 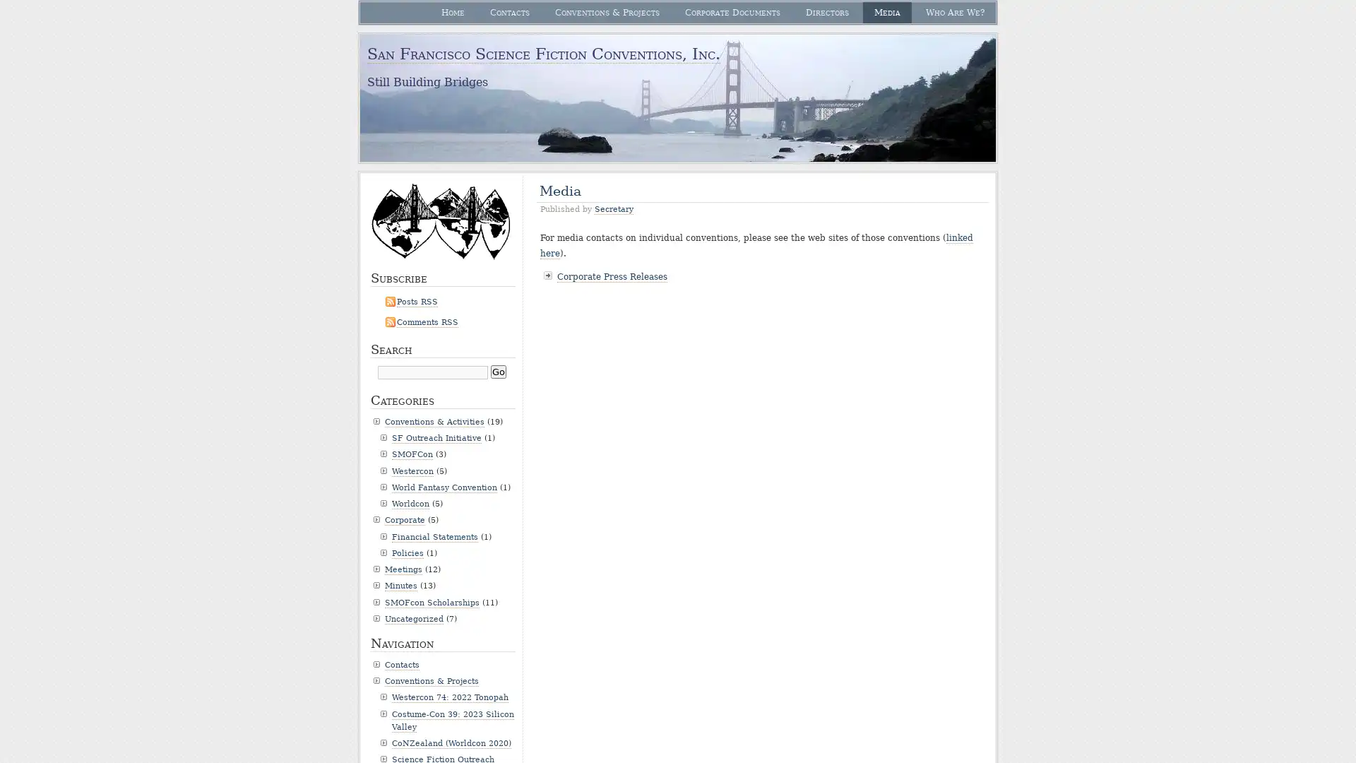 I want to click on Go, so click(x=498, y=370).